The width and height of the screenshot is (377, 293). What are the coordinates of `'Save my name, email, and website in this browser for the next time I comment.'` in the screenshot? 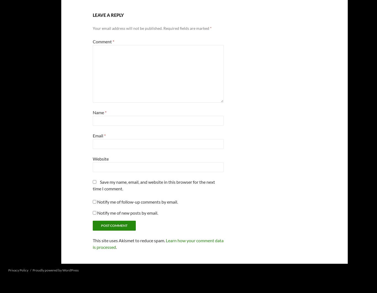 It's located at (93, 185).